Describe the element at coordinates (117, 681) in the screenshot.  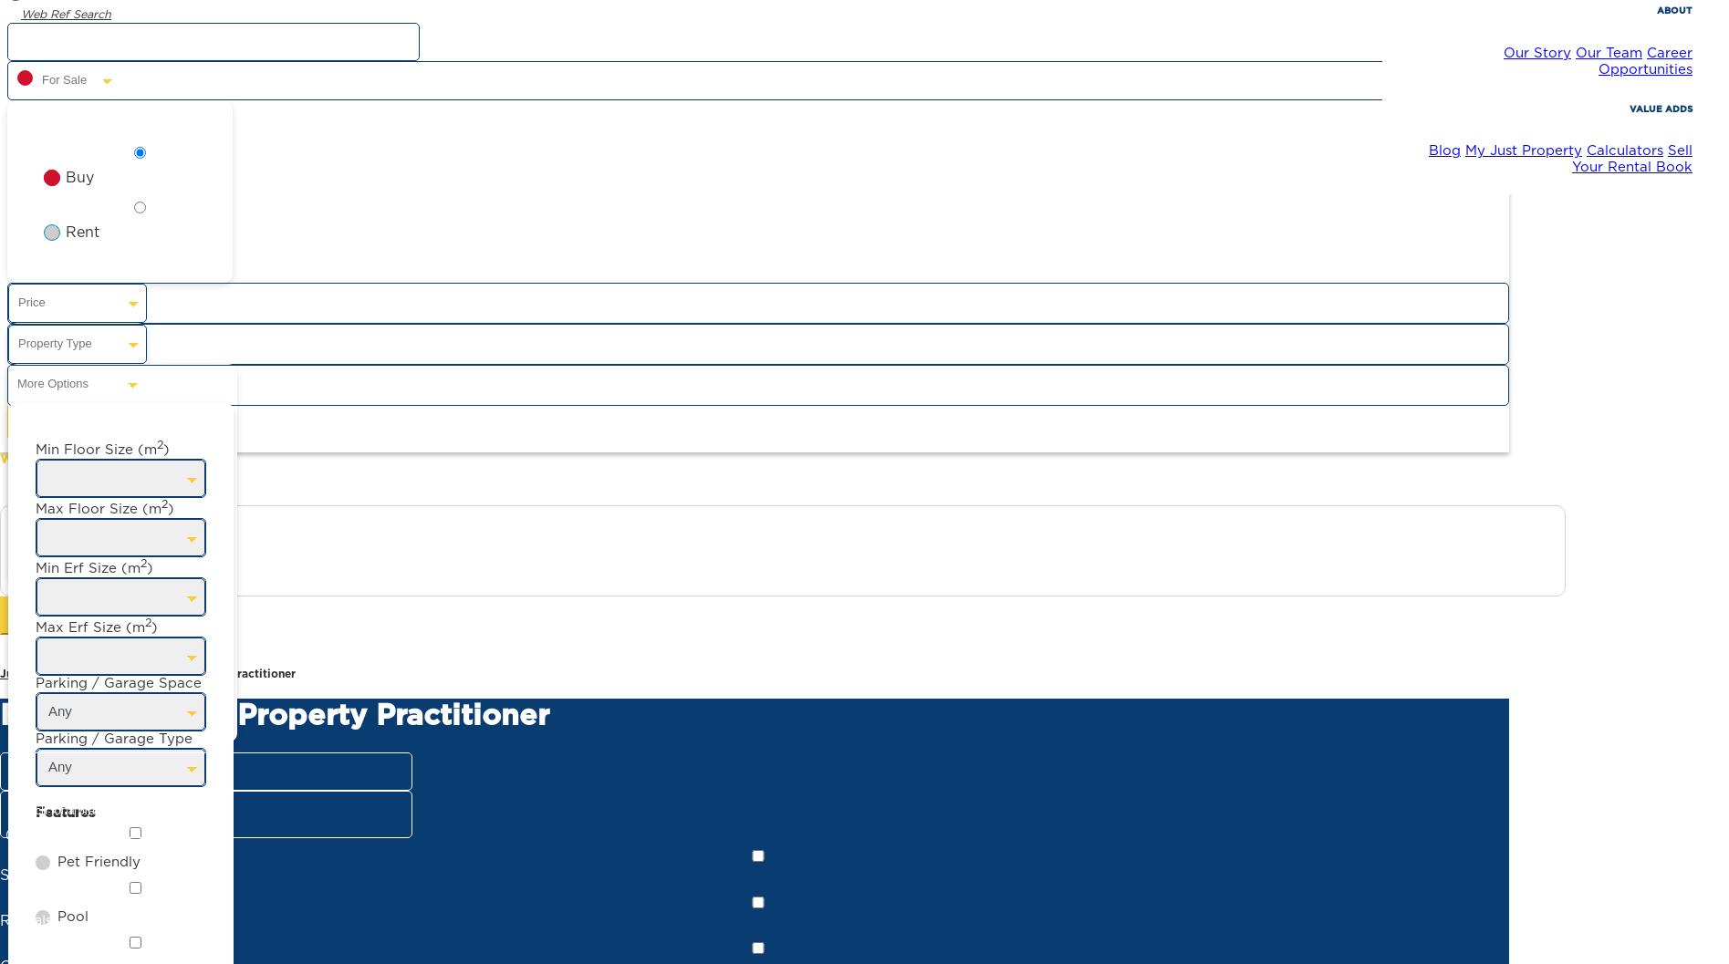
I see `'Parking / Garage Space'` at that location.